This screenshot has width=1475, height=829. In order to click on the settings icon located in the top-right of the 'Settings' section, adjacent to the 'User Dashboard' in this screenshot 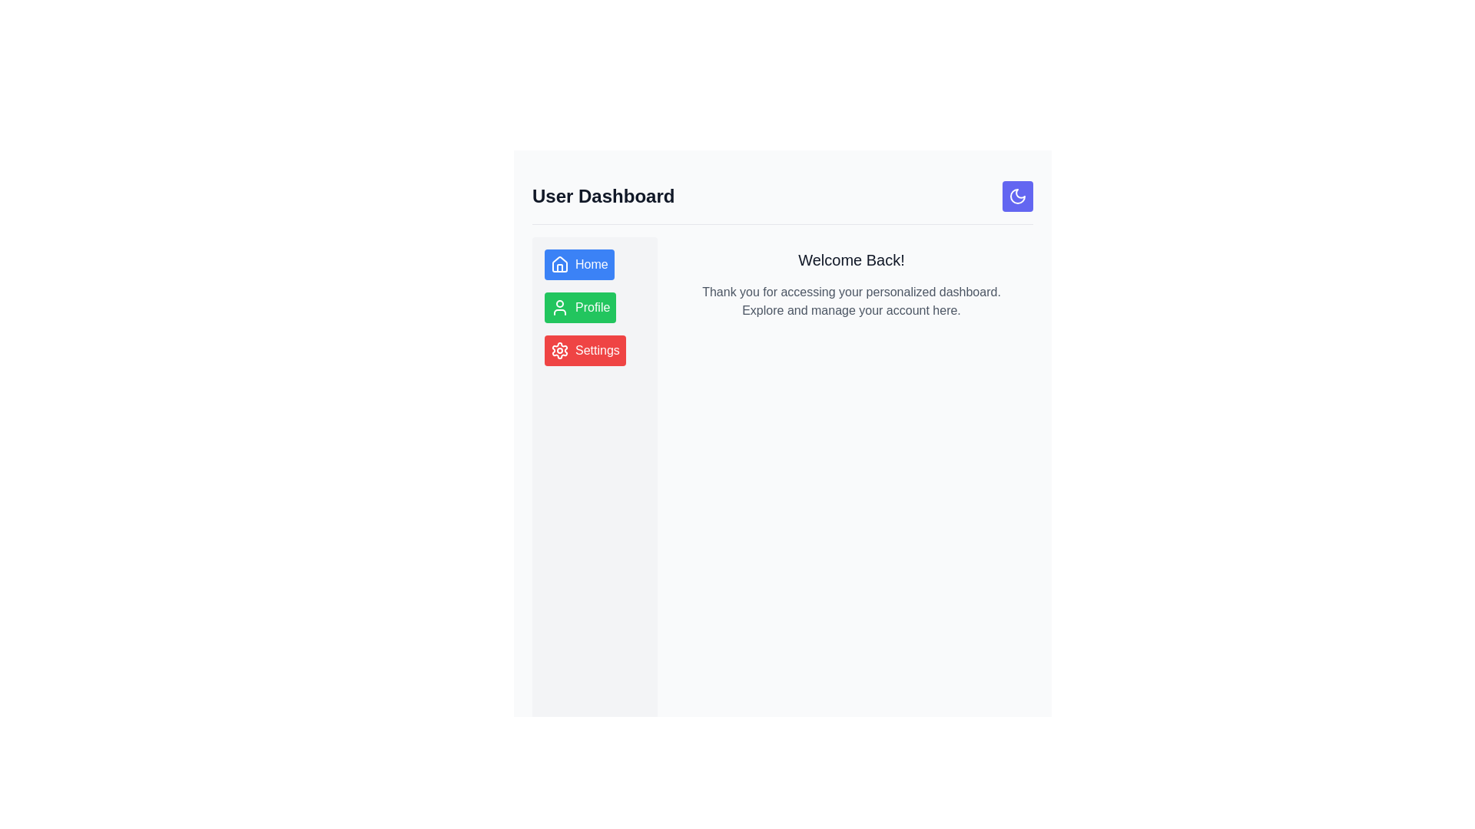, I will do `click(559, 350)`.